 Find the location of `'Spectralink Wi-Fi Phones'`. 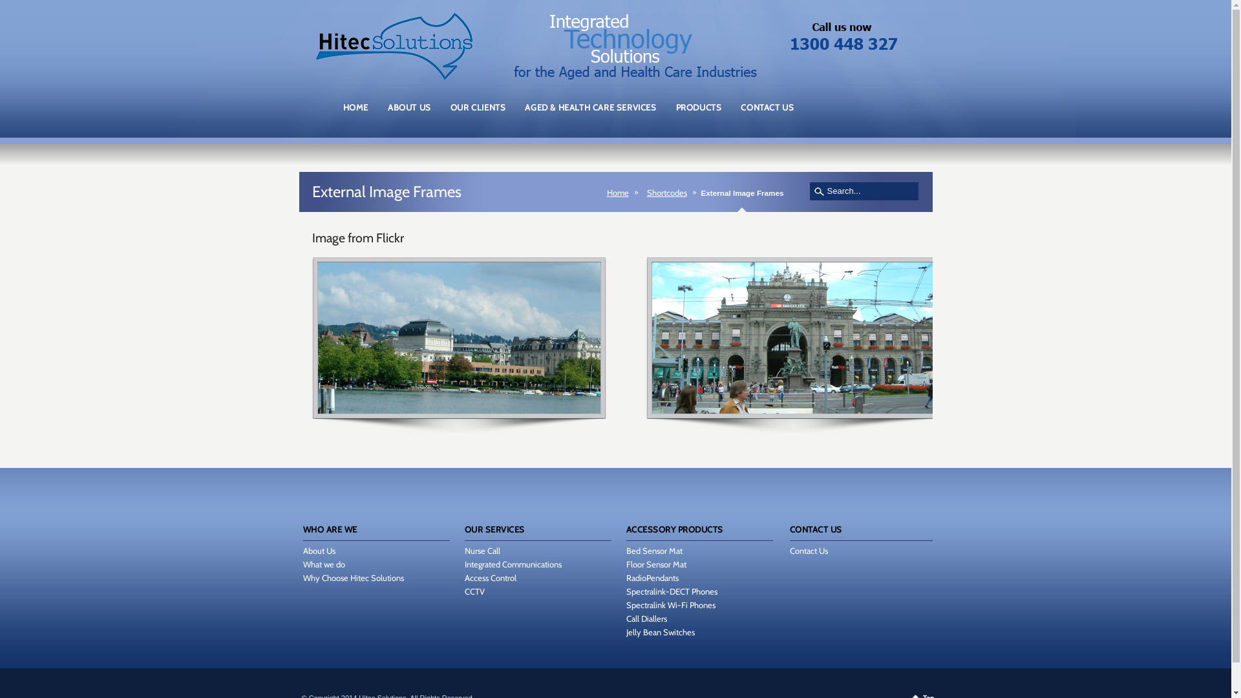

'Spectralink Wi-Fi Phones' is located at coordinates (670, 605).